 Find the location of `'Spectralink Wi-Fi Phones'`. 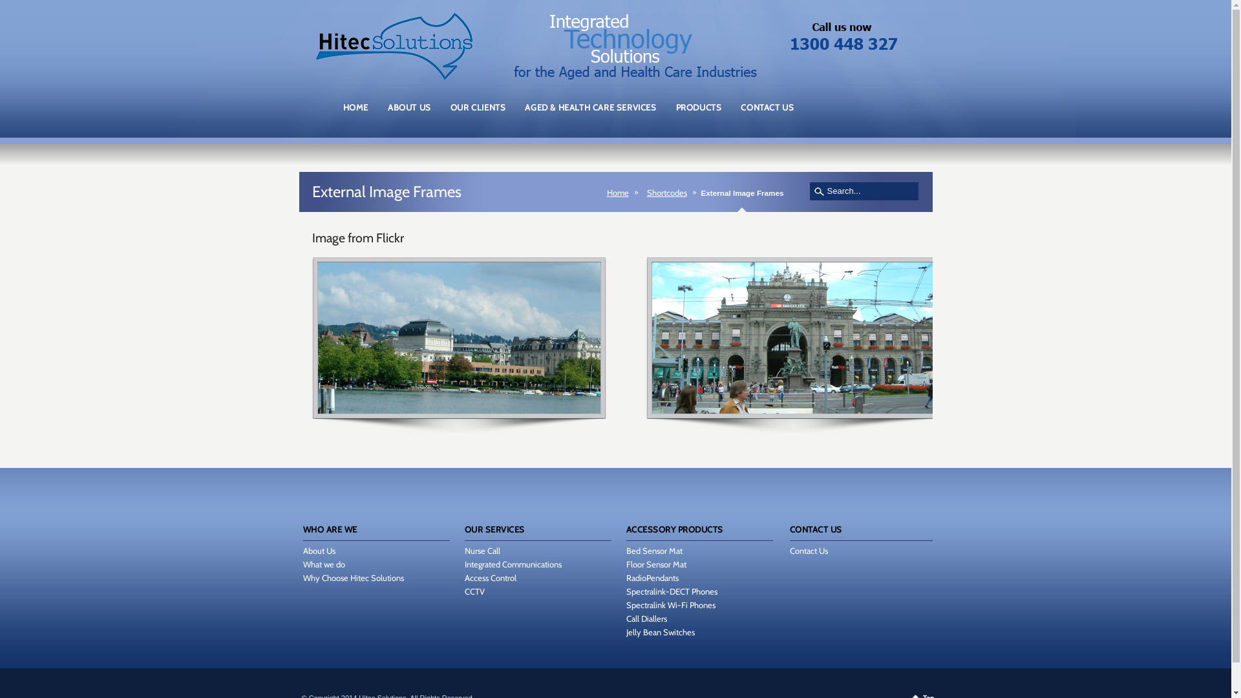

'Spectralink Wi-Fi Phones' is located at coordinates (670, 605).